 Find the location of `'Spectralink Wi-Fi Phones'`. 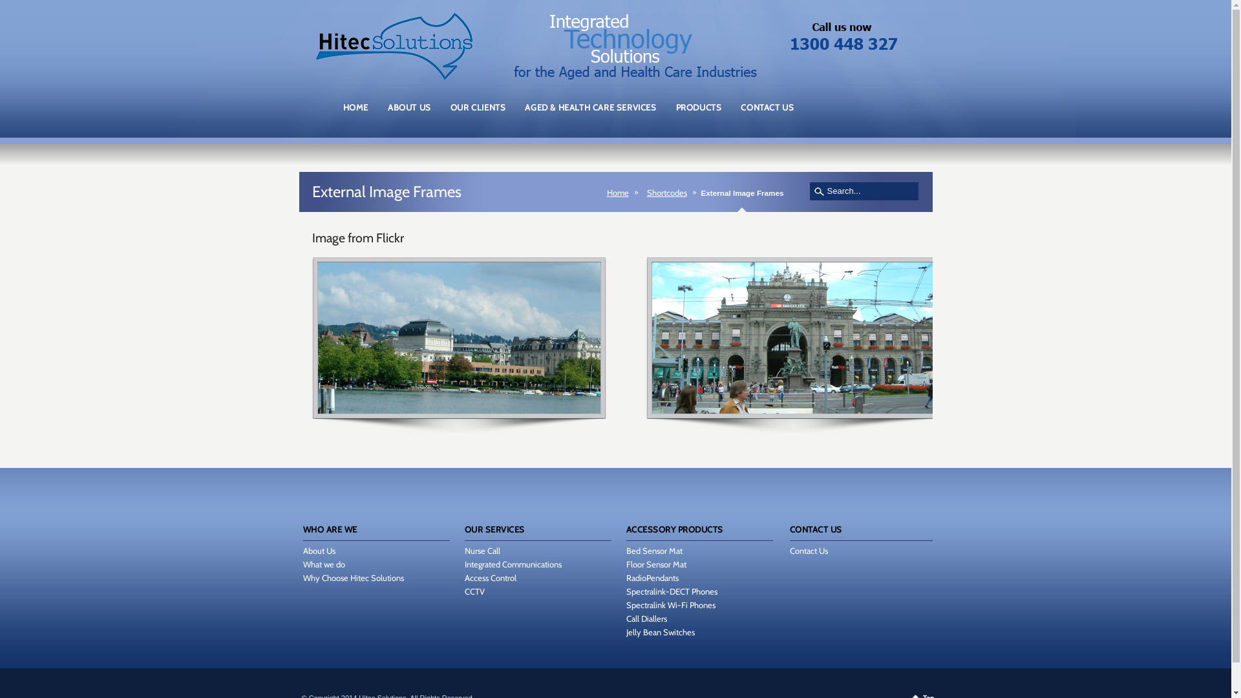

'Spectralink Wi-Fi Phones' is located at coordinates (670, 605).